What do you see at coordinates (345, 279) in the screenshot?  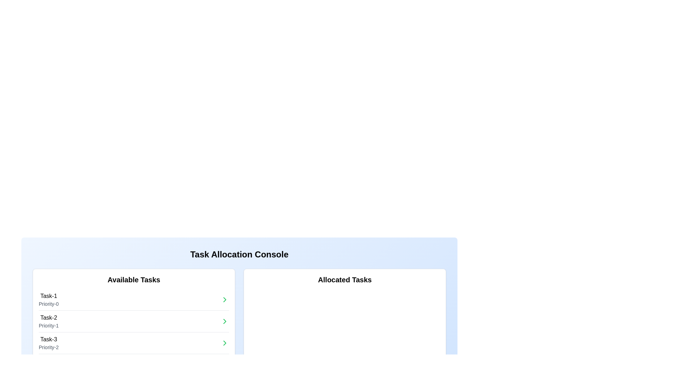 I see `the bold static text reading 'Allocated Tasks'` at bounding box center [345, 279].